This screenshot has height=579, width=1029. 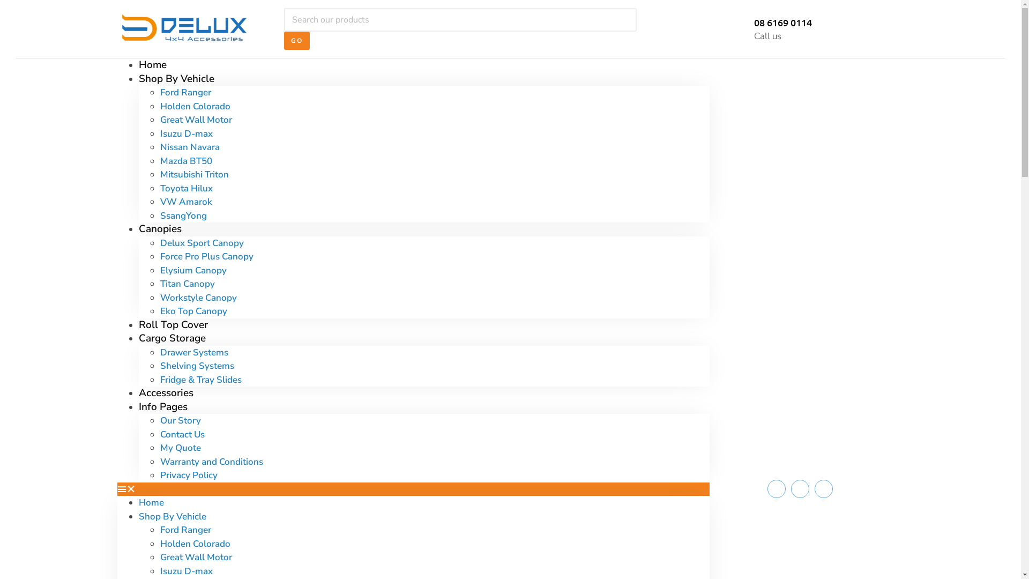 What do you see at coordinates (159, 202) in the screenshot?
I see `'VW Amarok'` at bounding box center [159, 202].